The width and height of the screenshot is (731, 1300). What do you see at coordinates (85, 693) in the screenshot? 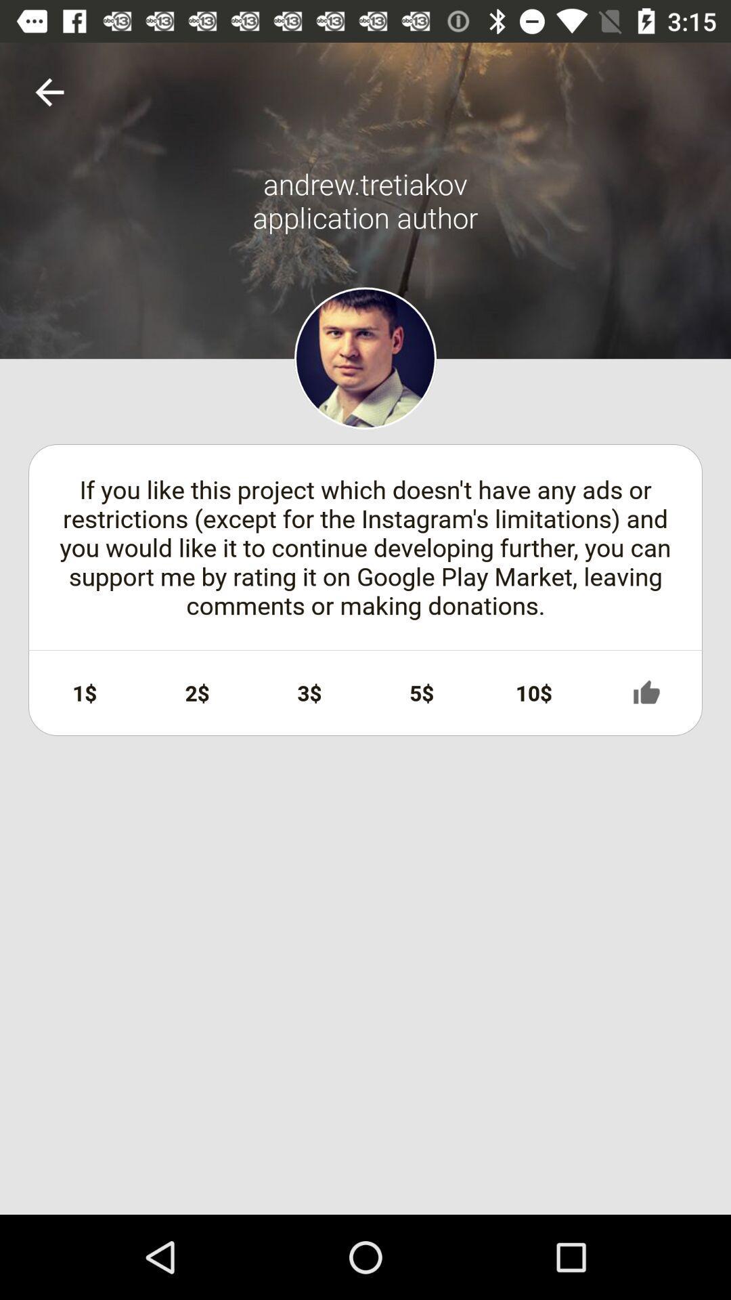
I see `the 1$ icon` at bounding box center [85, 693].